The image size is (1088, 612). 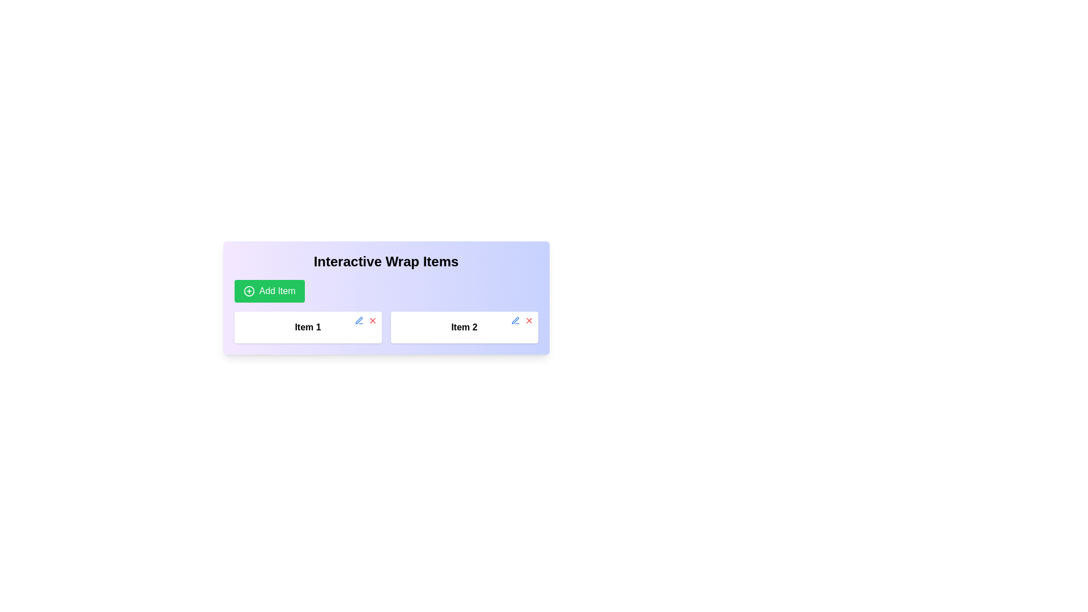 What do you see at coordinates (269, 290) in the screenshot?
I see `the 'Add Item' button, which is a green button with white text and a '+' icon, located below the heading 'Interactive Wrap Items'` at bounding box center [269, 290].